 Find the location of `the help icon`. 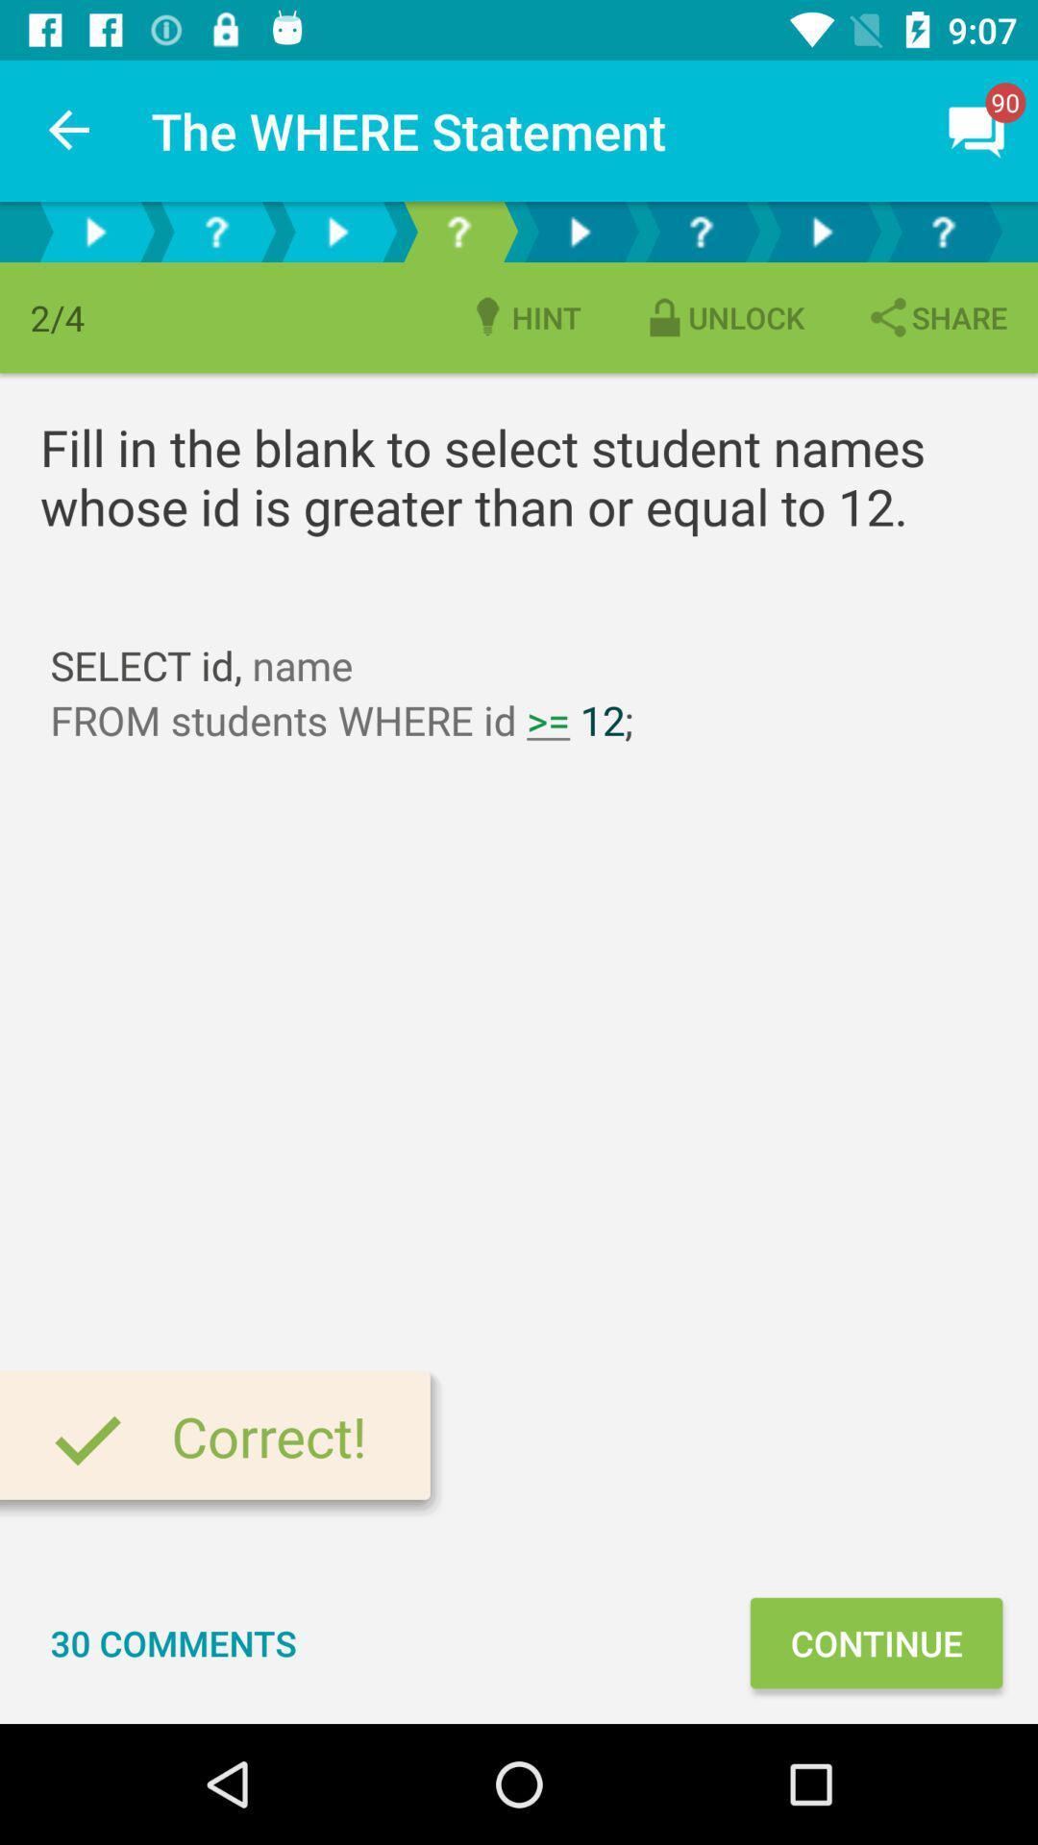

the help icon is located at coordinates (458, 231).